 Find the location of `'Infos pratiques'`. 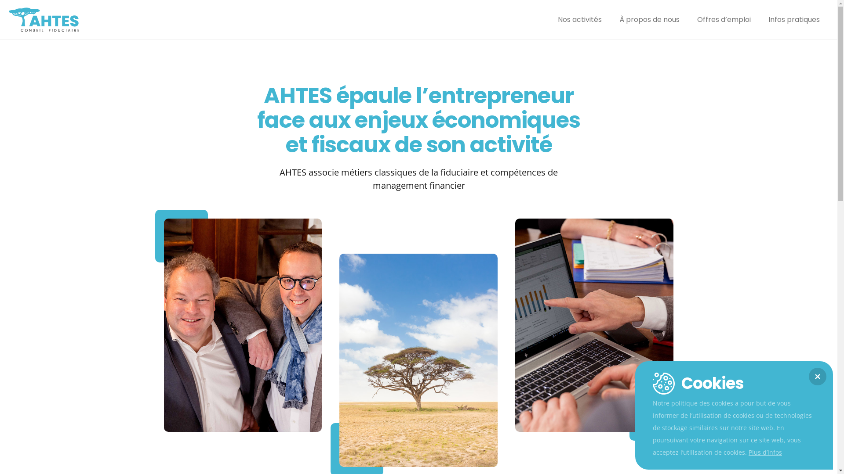

'Infos pratiques' is located at coordinates (794, 20).